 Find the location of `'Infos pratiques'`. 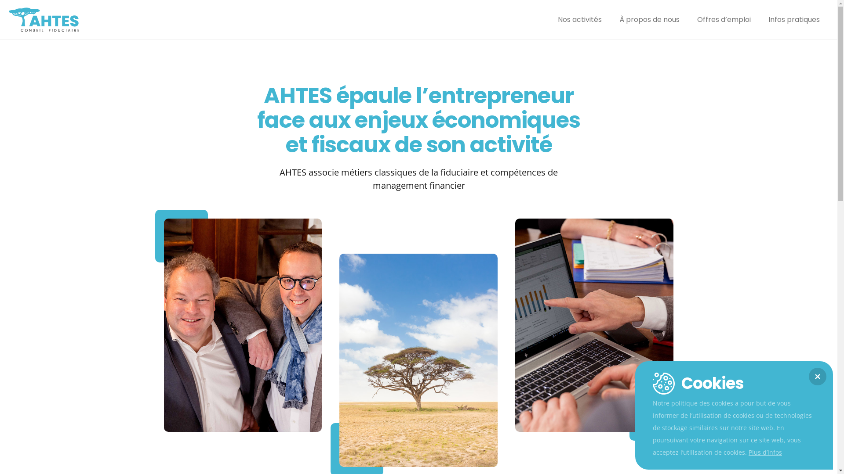

'Infos pratiques' is located at coordinates (794, 20).